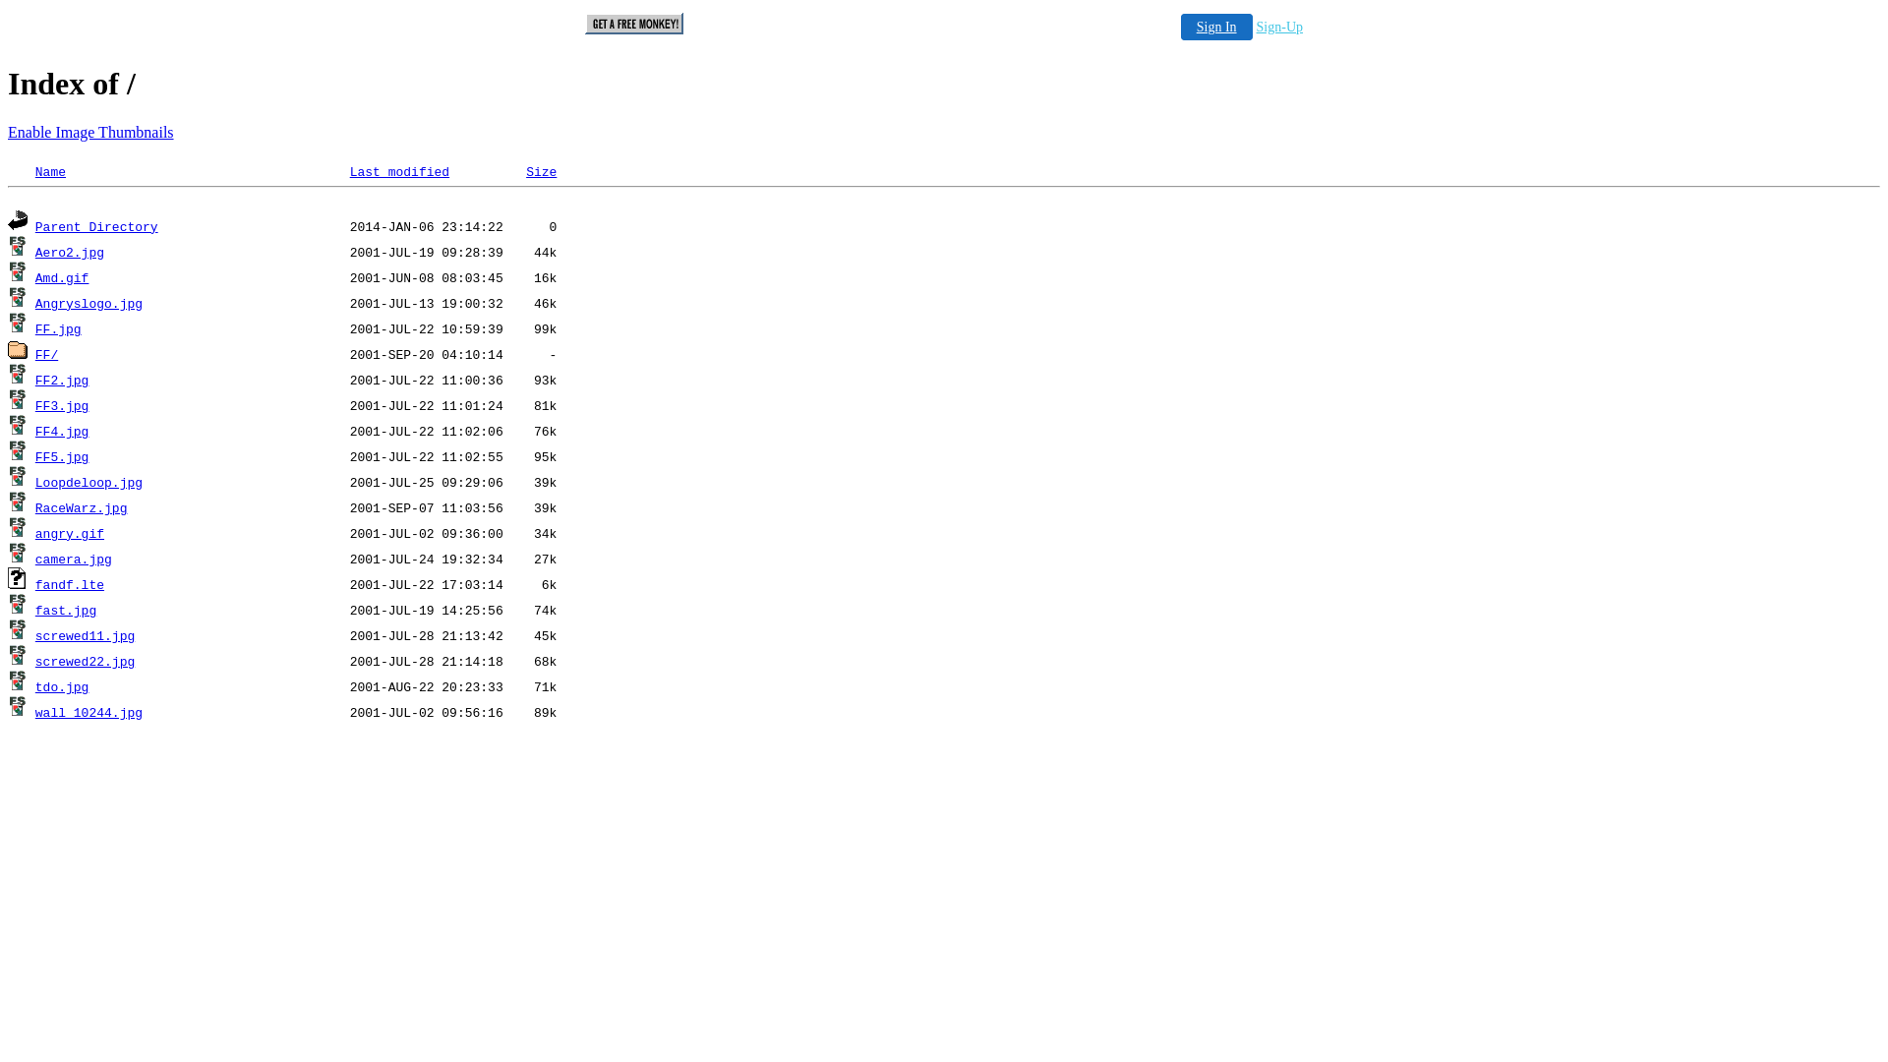 The width and height of the screenshot is (1888, 1062). Describe the element at coordinates (46, 355) in the screenshot. I see `'FF/'` at that location.